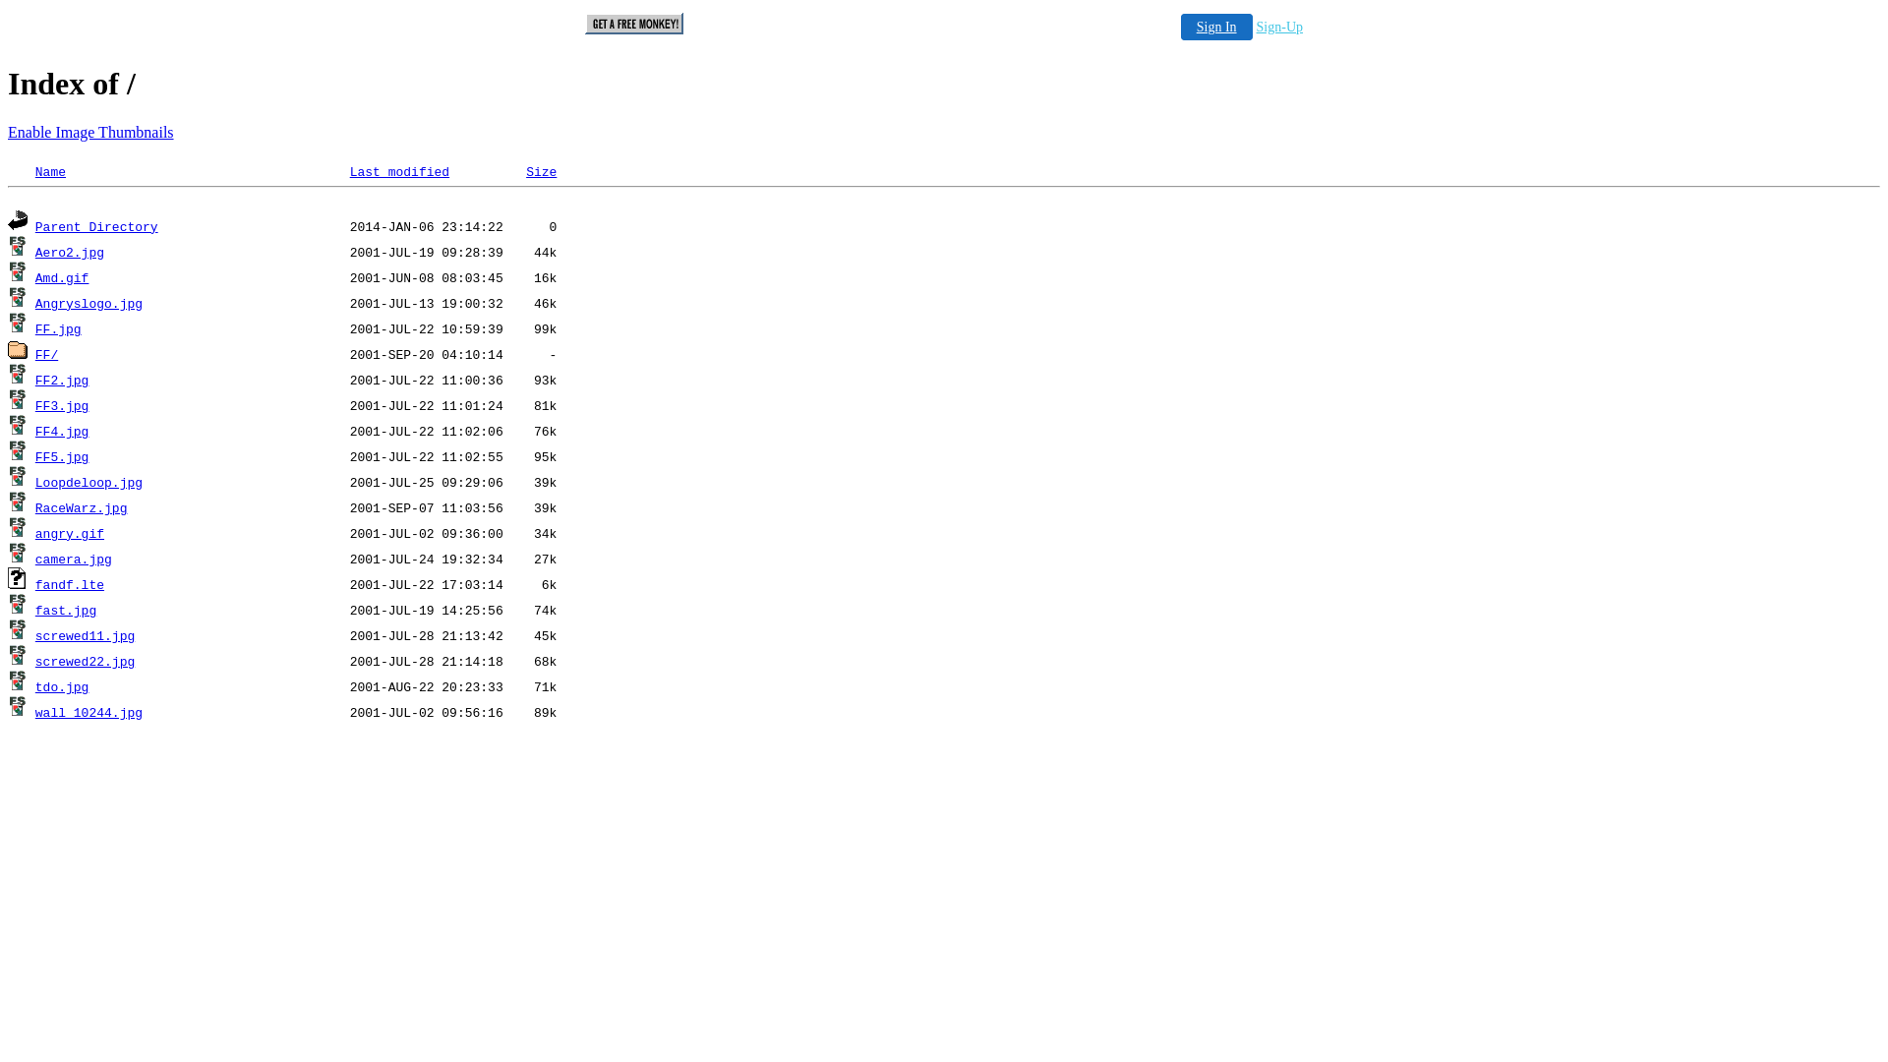 The width and height of the screenshot is (1888, 1062). Describe the element at coordinates (46, 355) in the screenshot. I see `'FF/'` at that location.